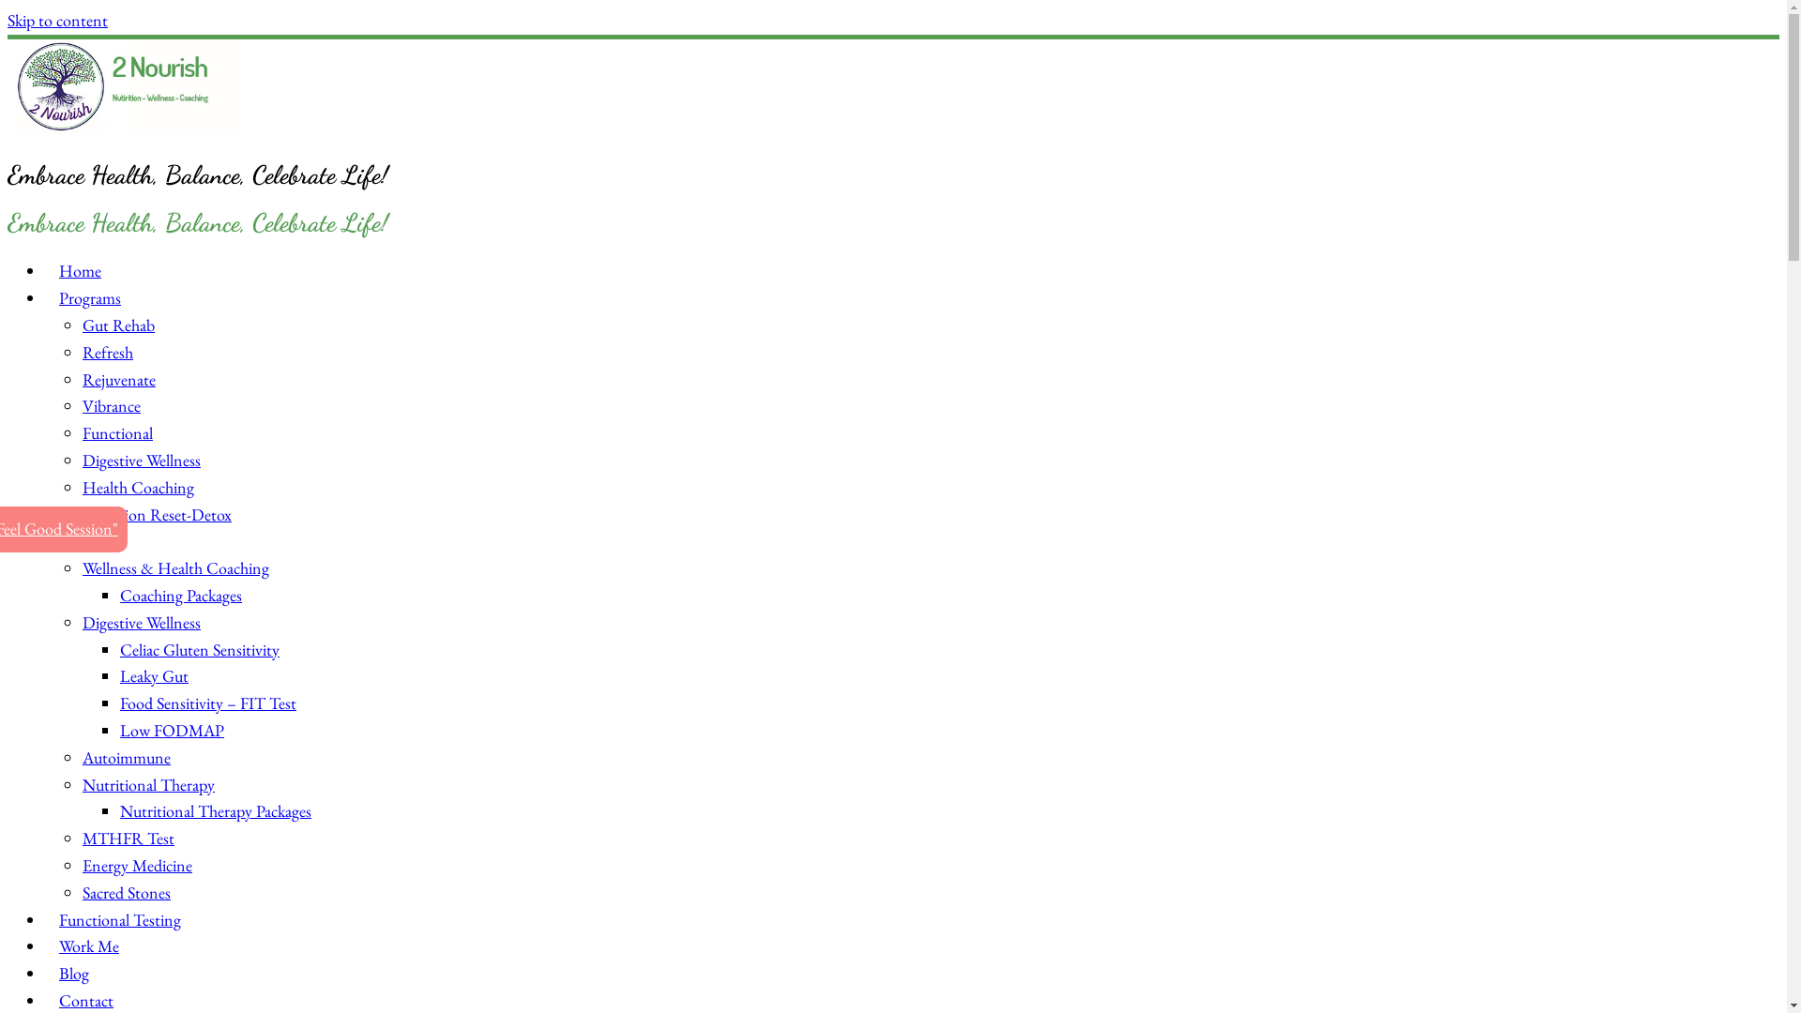 Image resolution: width=1801 pixels, height=1013 pixels. What do you see at coordinates (125, 756) in the screenshot?
I see `'Autoimmune'` at bounding box center [125, 756].